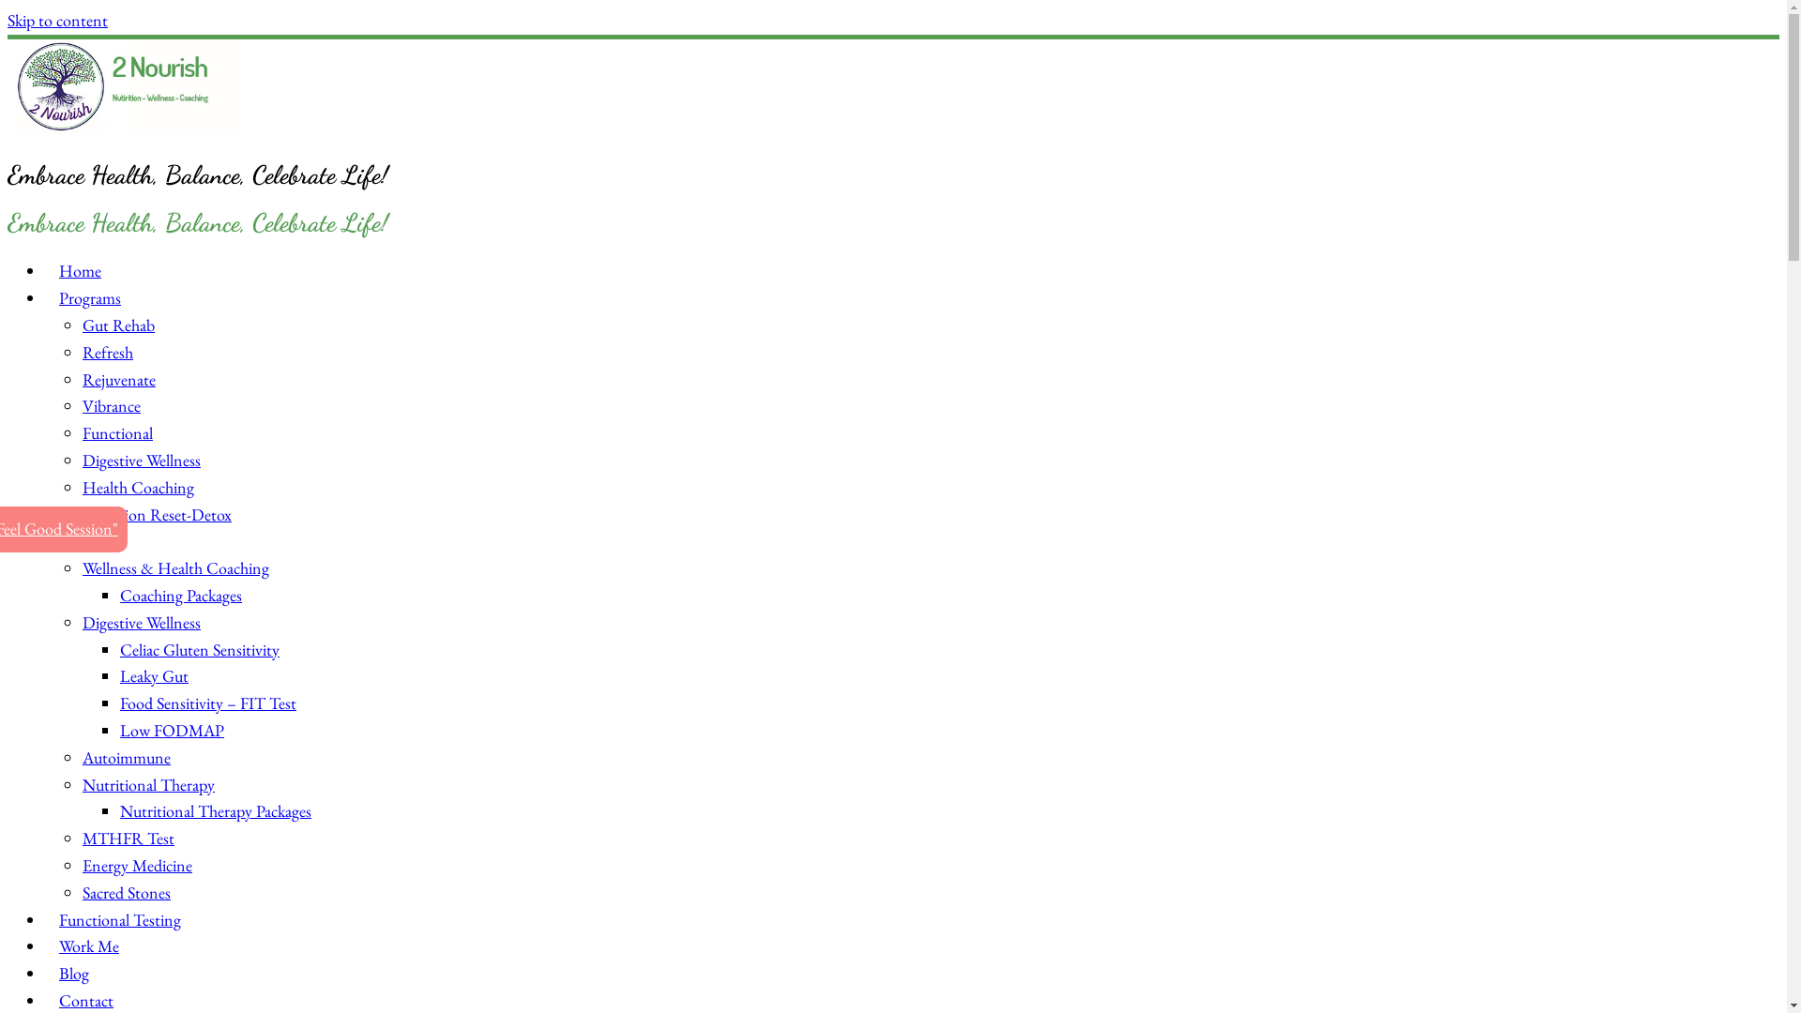 Image resolution: width=1801 pixels, height=1013 pixels. What do you see at coordinates (125, 756) in the screenshot?
I see `'Autoimmune'` at bounding box center [125, 756].